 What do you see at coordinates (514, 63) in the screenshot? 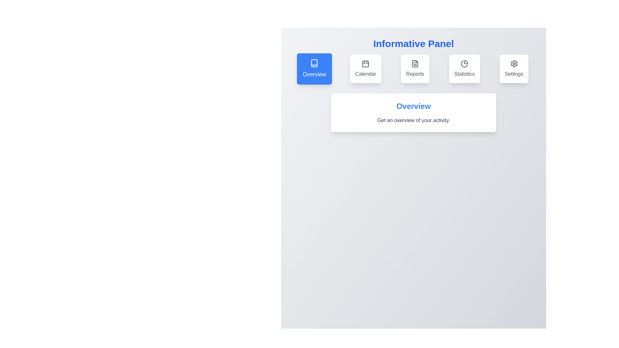
I see `the cogwheel icon in the settings group, which signifies settings or configuration options, located to the far right in the upper row of options adjacent to the 'Statistics' icon` at bounding box center [514, 63].